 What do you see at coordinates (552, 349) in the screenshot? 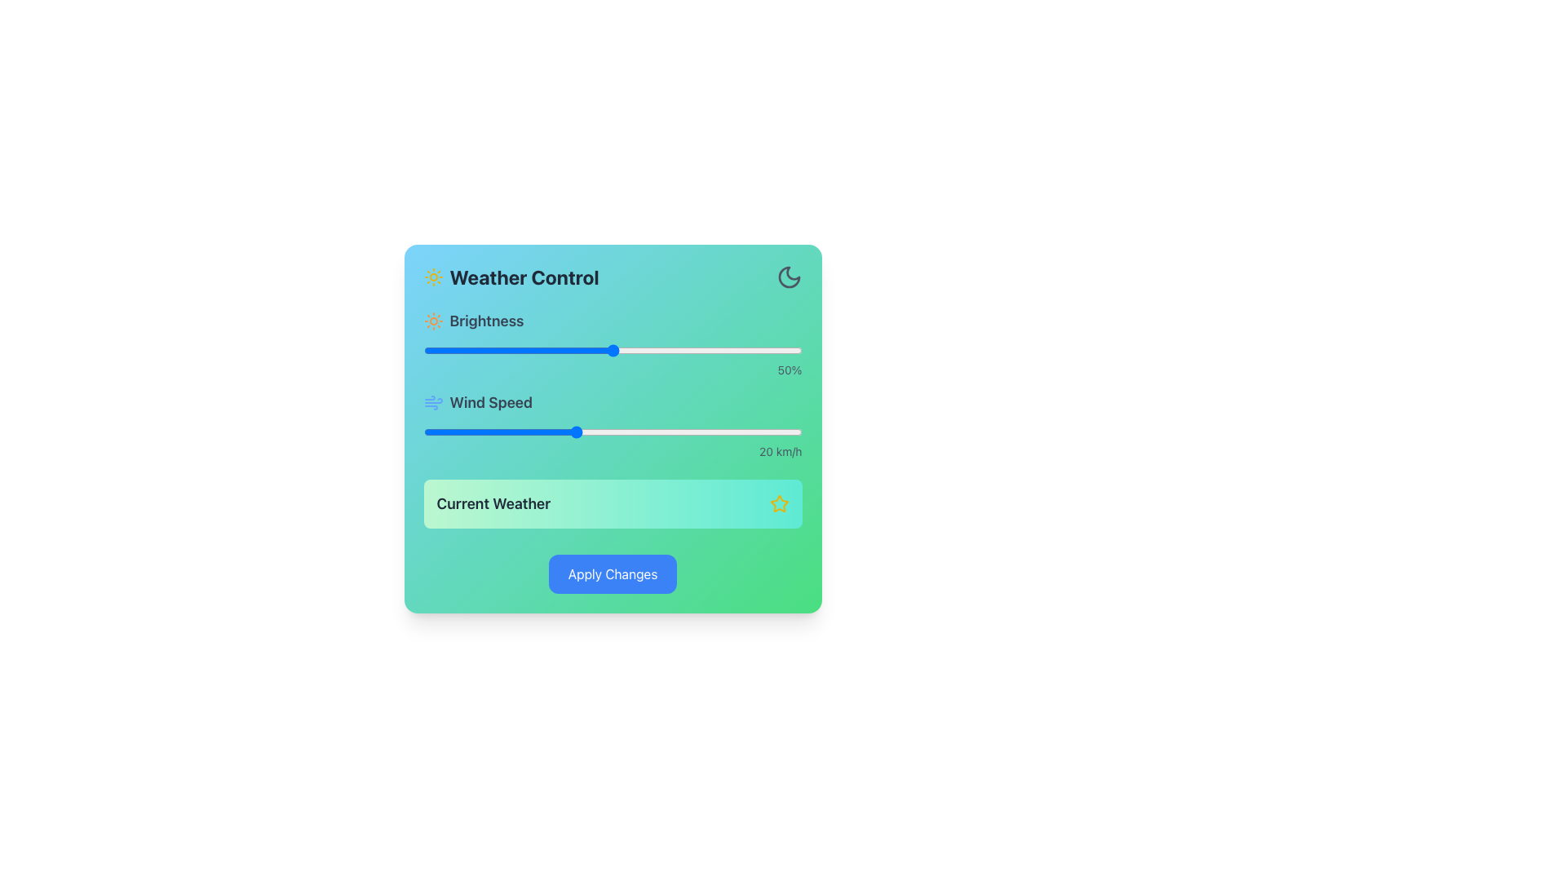
I see `brightness` at bounding box center [552, 349].